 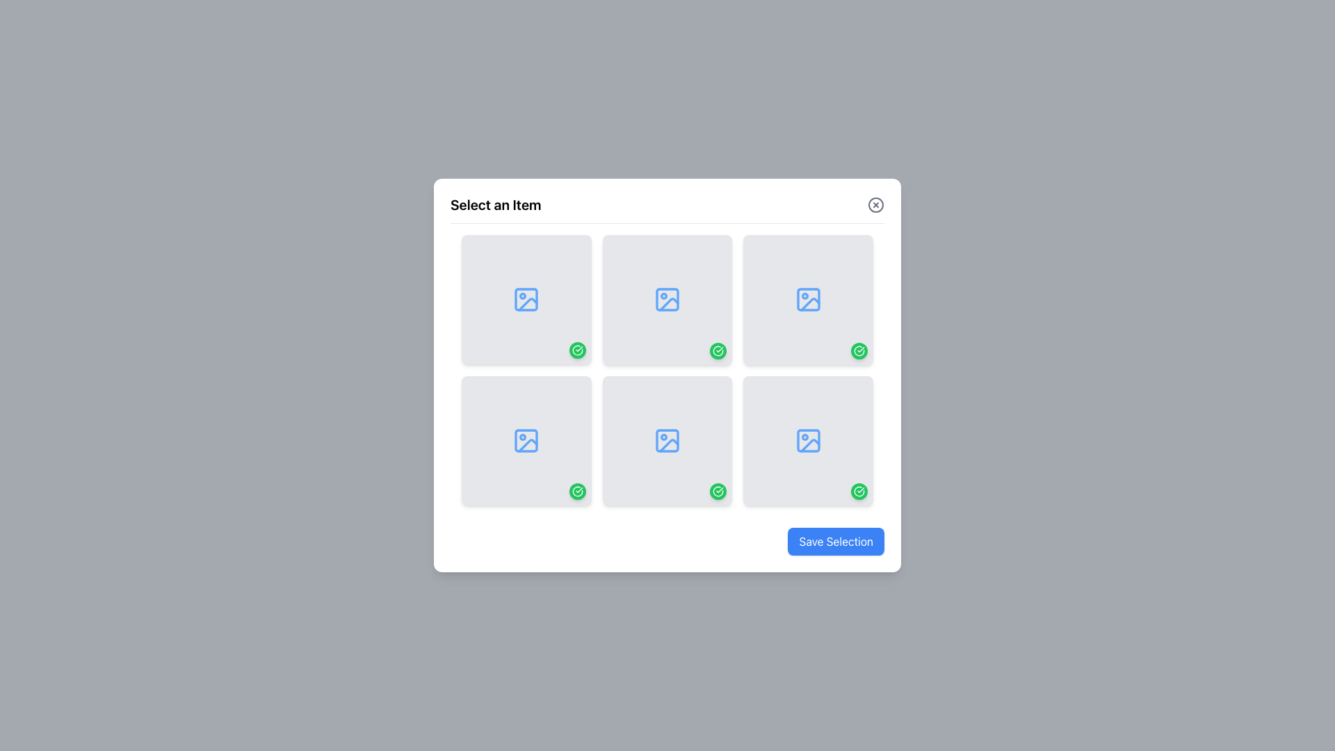 I want to click on the clickable grid item that has a gray background, rounded corners, and a centered blue icon with a notification badge, located below the title 'Select an Item', so click(x=526, y=299).